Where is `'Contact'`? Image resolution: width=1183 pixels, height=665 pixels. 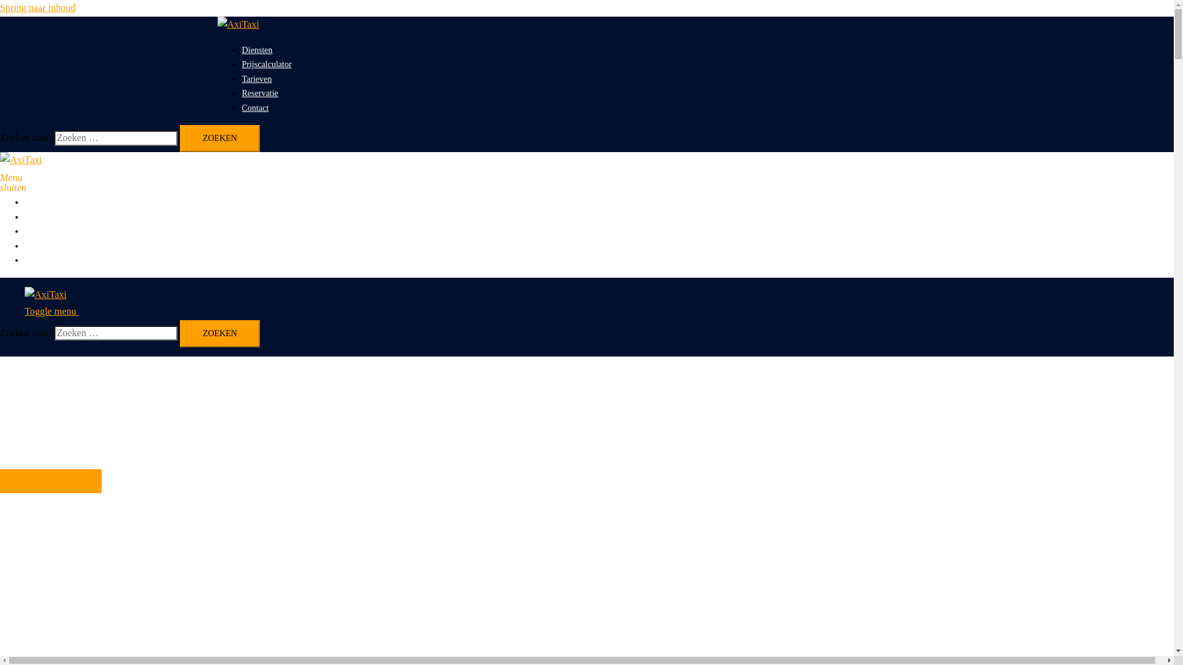 'Contact' is located at coordinates (38, 259).